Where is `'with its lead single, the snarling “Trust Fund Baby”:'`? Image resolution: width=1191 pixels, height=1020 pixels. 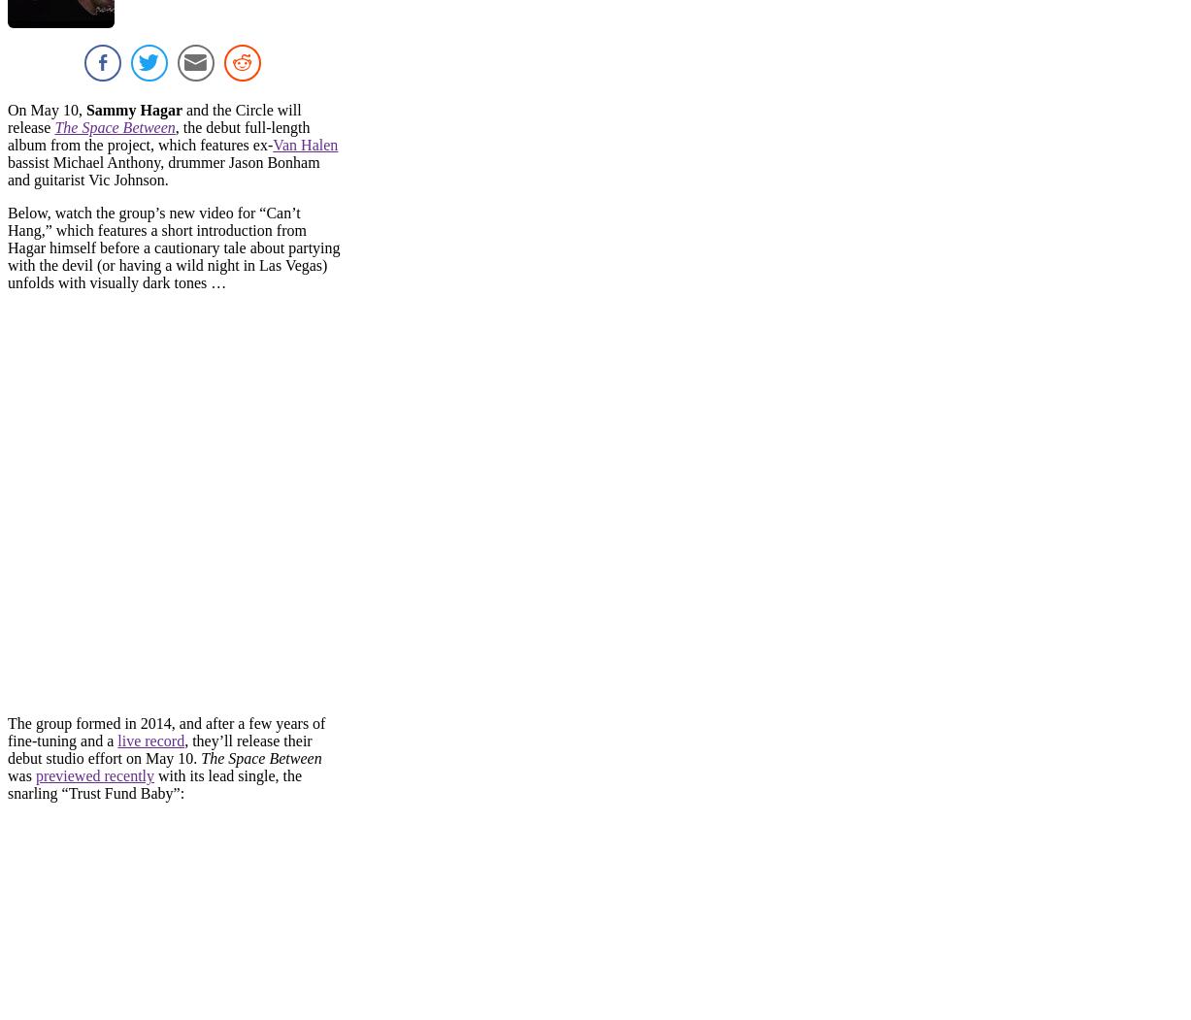
'with its lead single, the snarling “Trust Fund Baby”:' is located at coordinates (153, 783).